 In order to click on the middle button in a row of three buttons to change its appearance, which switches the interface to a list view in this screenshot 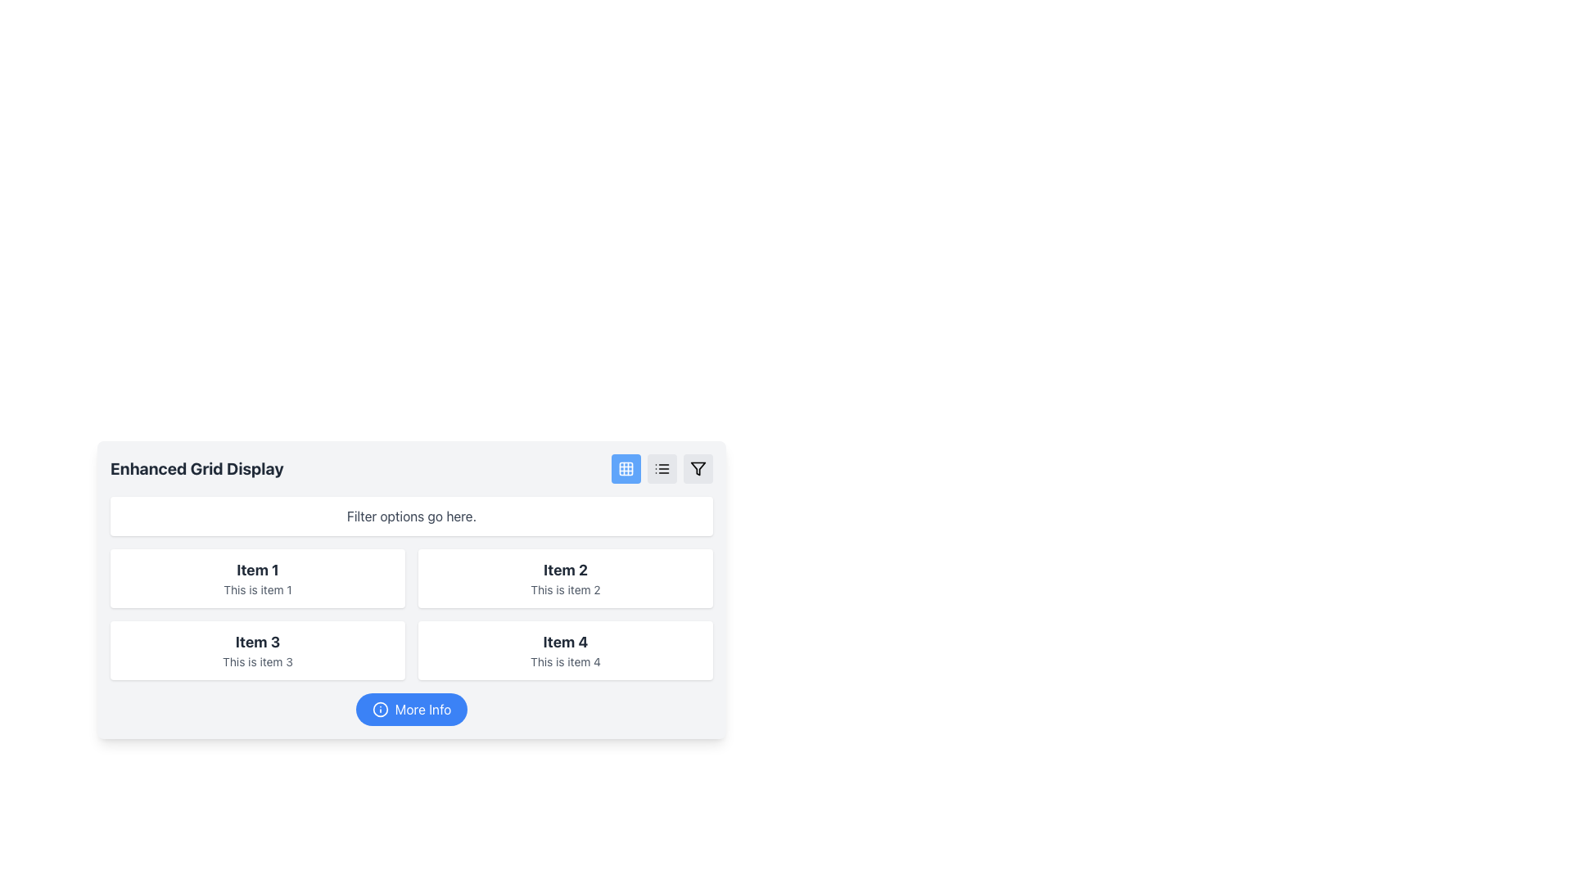, I will do `click(662, 469)`.